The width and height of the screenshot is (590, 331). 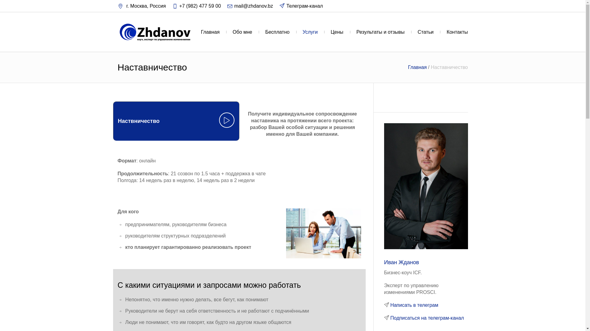 I want to click on 'mail@zhdanov.bz', so click(x=254, y=6).